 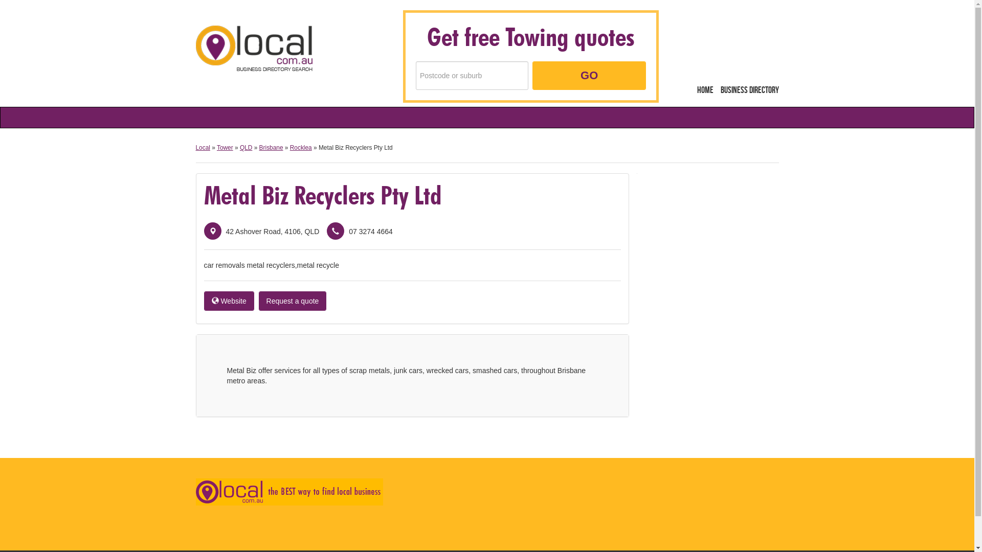 What do you see at coordinates (253, 48) in the screenshot?
I see `'Local'` at bounding box center [253, 48].